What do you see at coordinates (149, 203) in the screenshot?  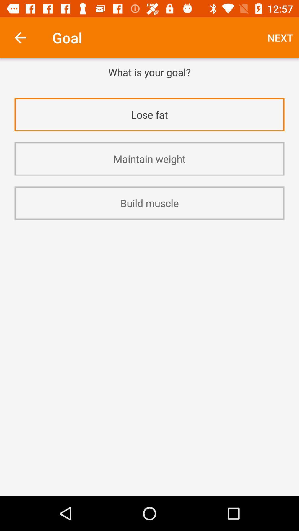 I see `the build muscle` at bounding box center [149, 203].